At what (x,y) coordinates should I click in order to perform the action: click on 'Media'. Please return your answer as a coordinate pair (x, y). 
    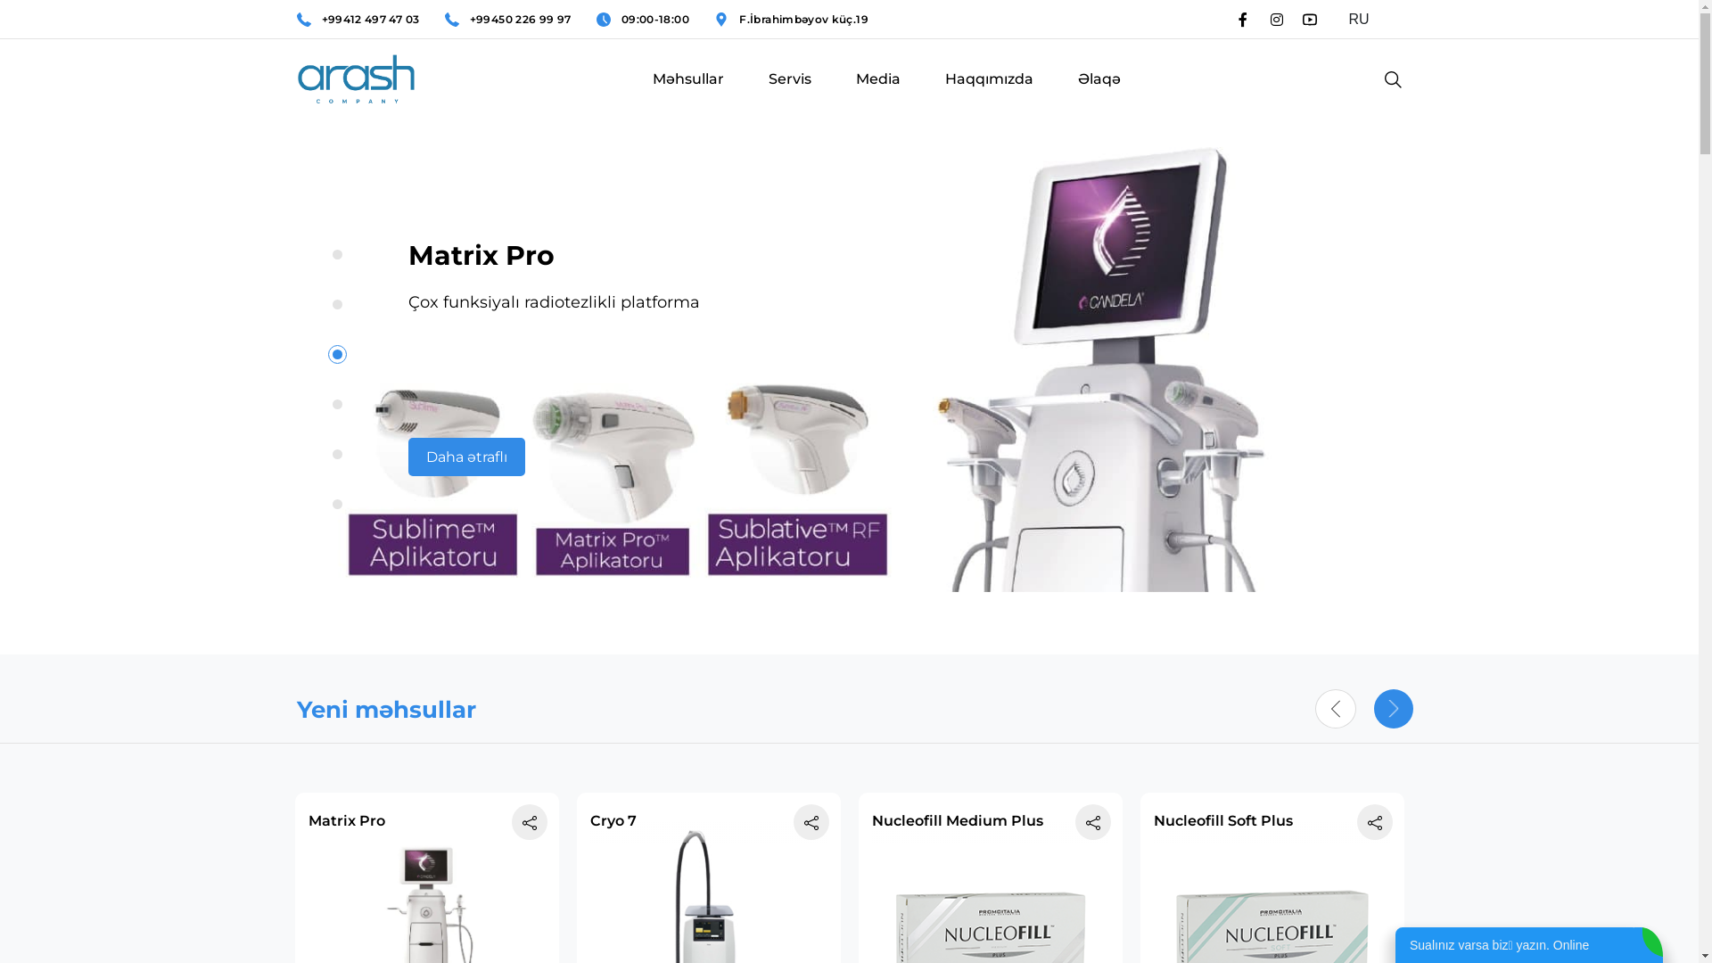
    Looking at the image, I should click on (877, 96).